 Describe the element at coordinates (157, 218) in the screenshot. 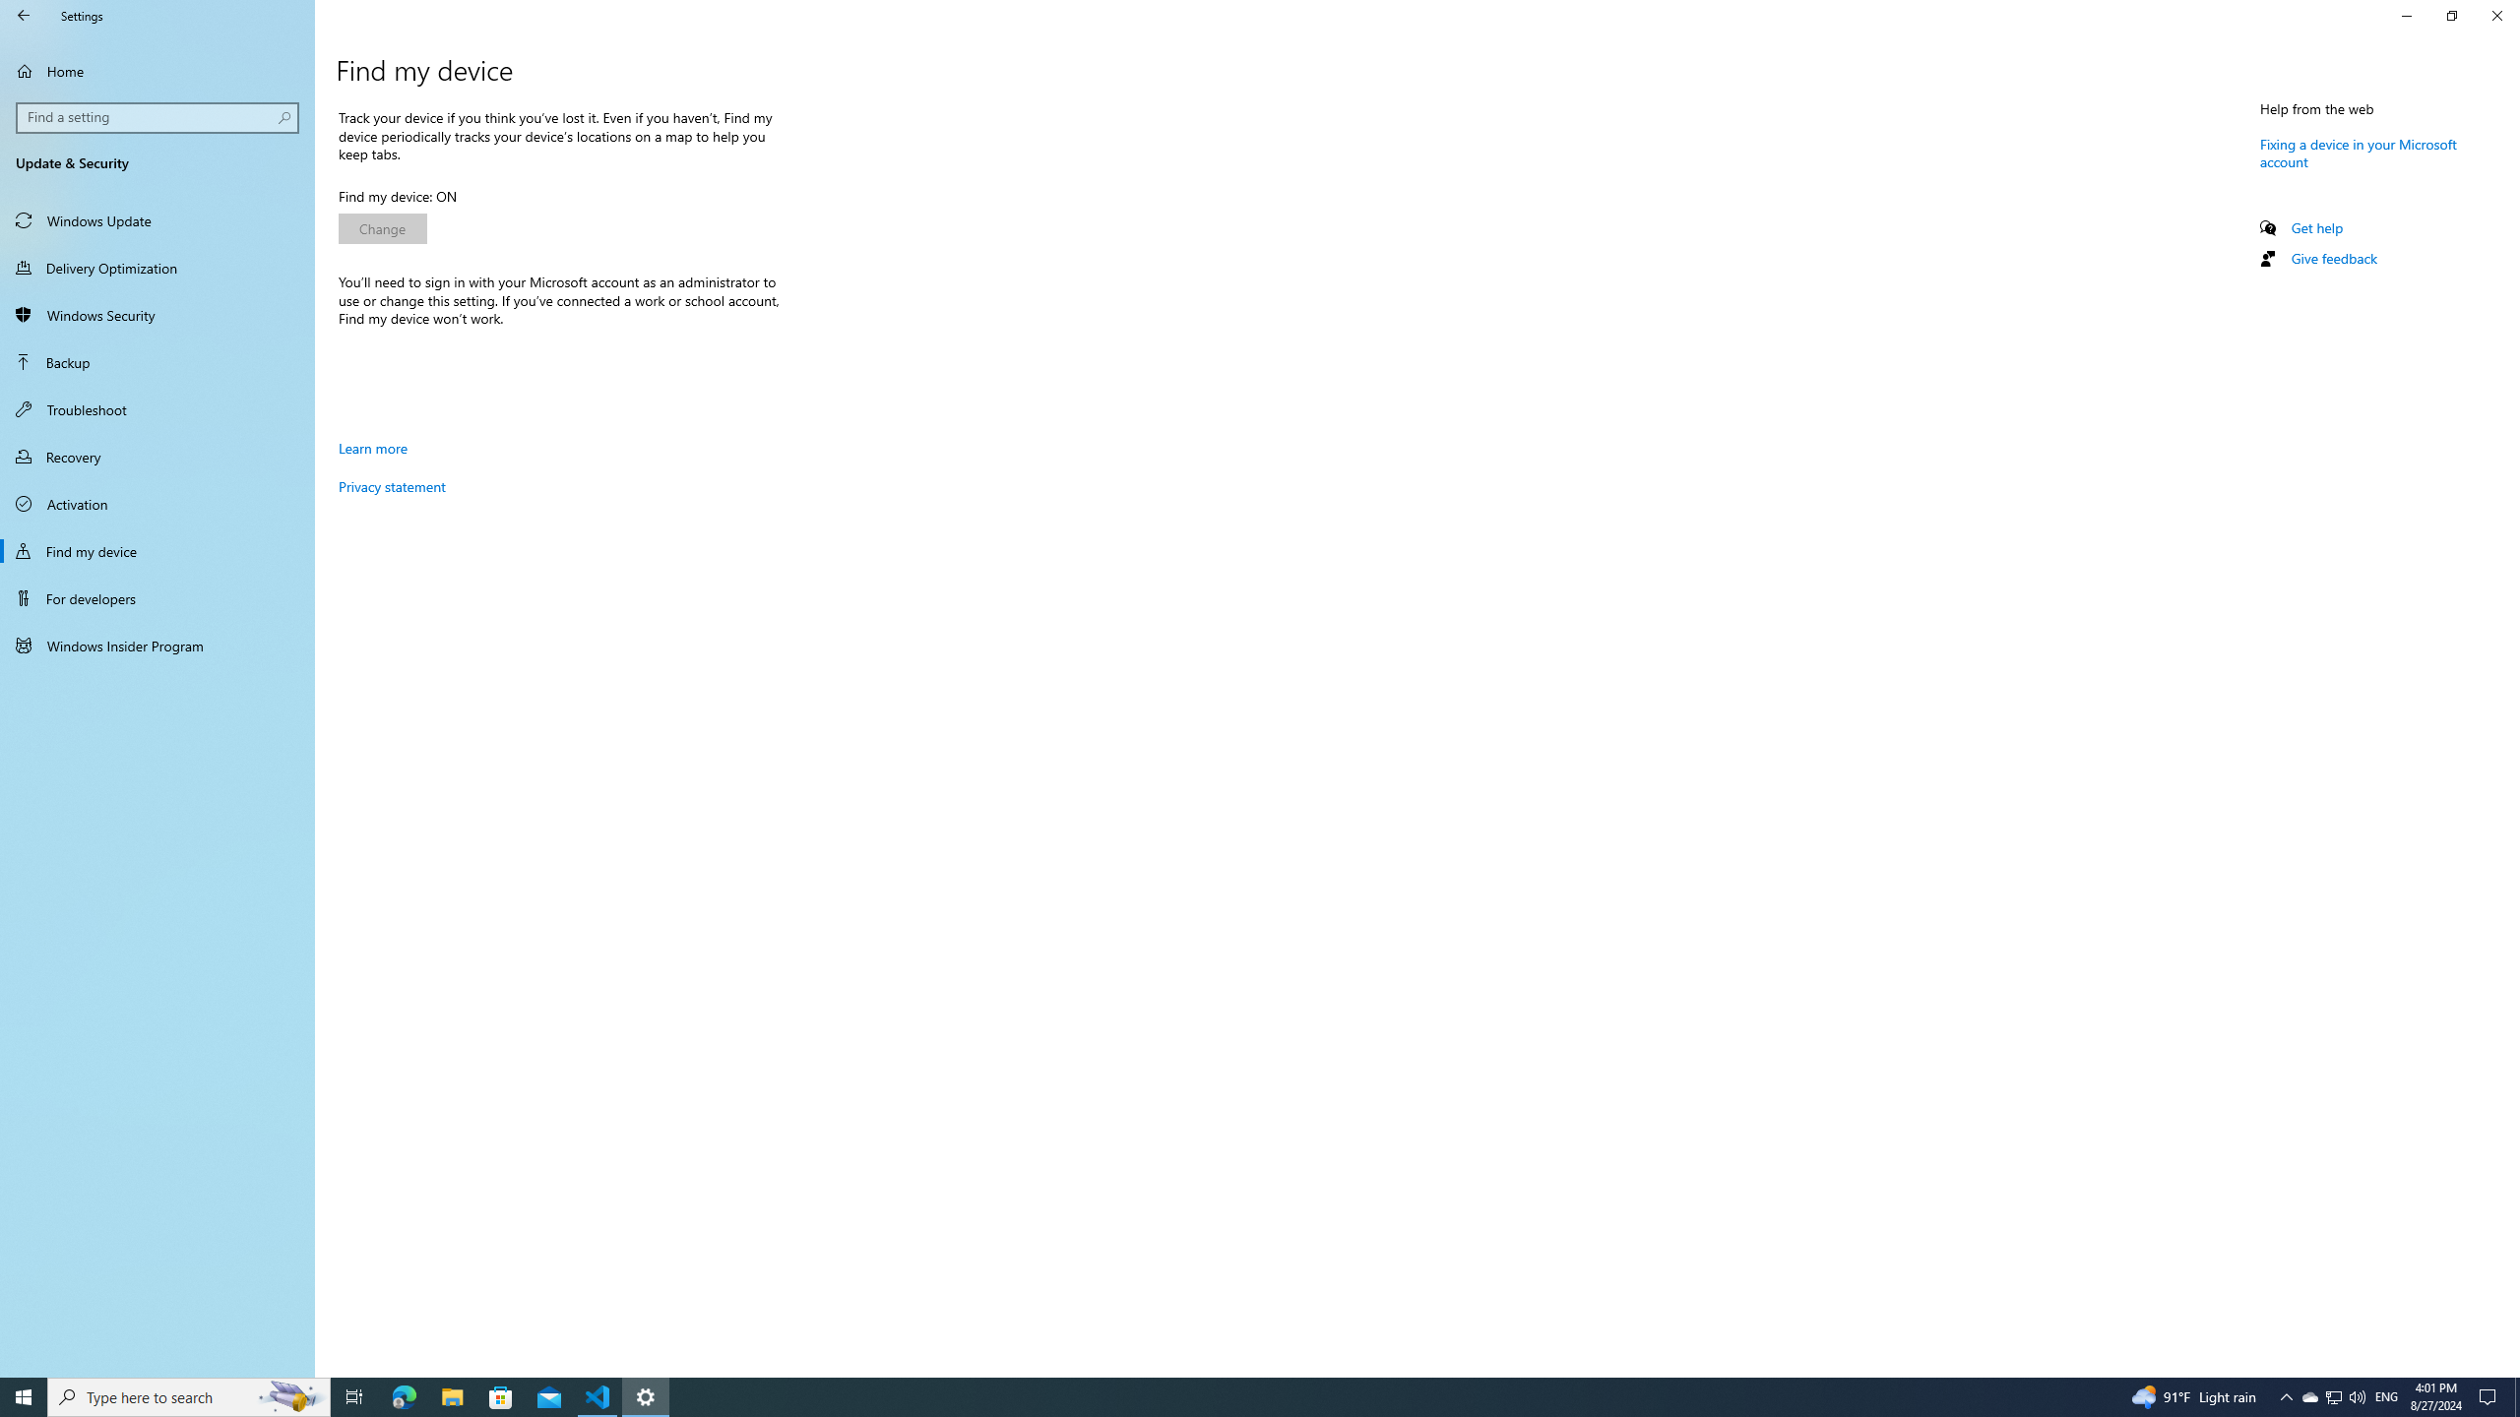

I see `'Windows Update'` at that location.